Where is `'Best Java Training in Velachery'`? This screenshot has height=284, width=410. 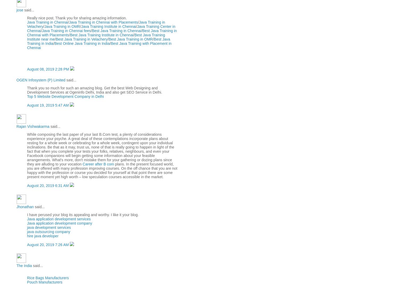
'Best Java Training in Velachery' is located at coordinates (81, 39).